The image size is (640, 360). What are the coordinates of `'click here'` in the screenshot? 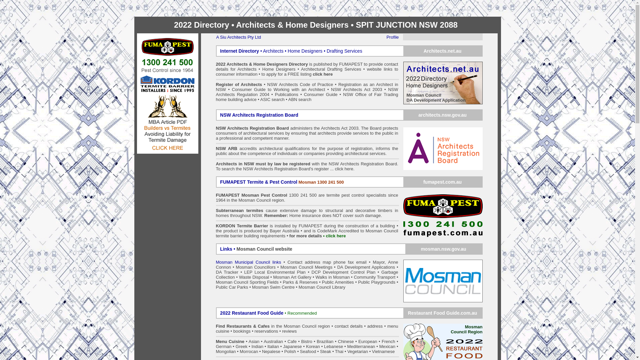 It's located at (323, 74).